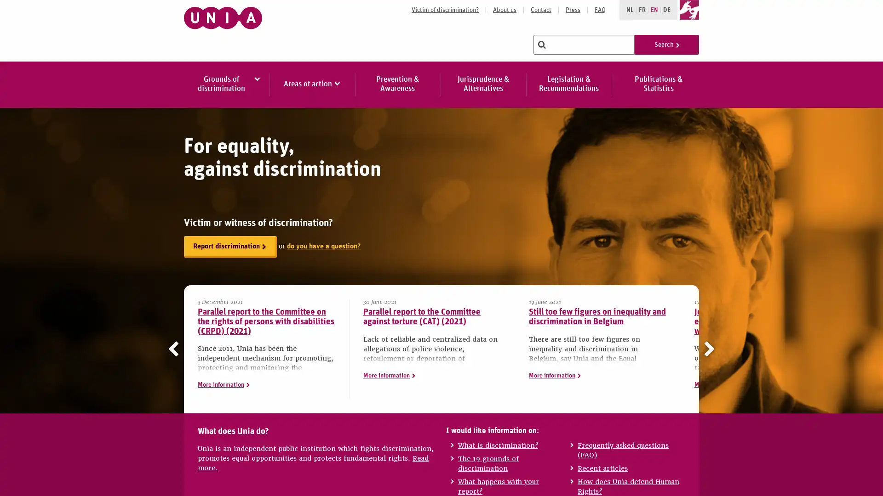  Describe the element at coordinates (706, 349) in the screenshot. I see `Next` at that location.